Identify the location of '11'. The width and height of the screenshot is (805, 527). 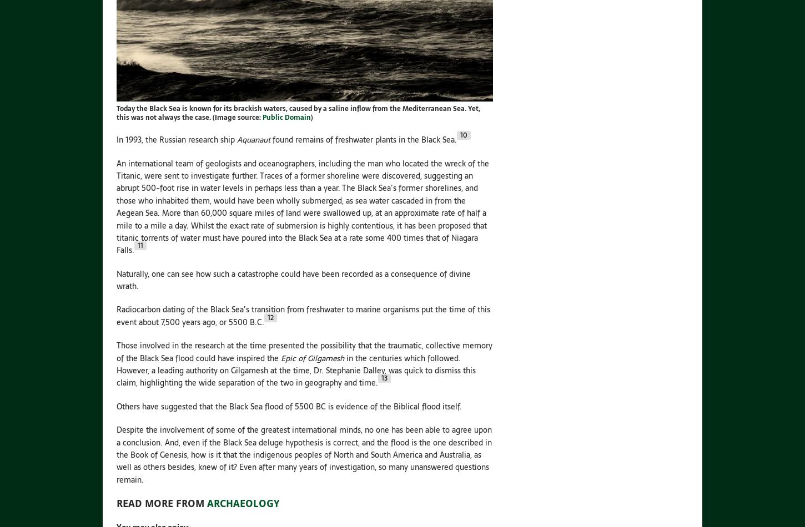
(137, 245).